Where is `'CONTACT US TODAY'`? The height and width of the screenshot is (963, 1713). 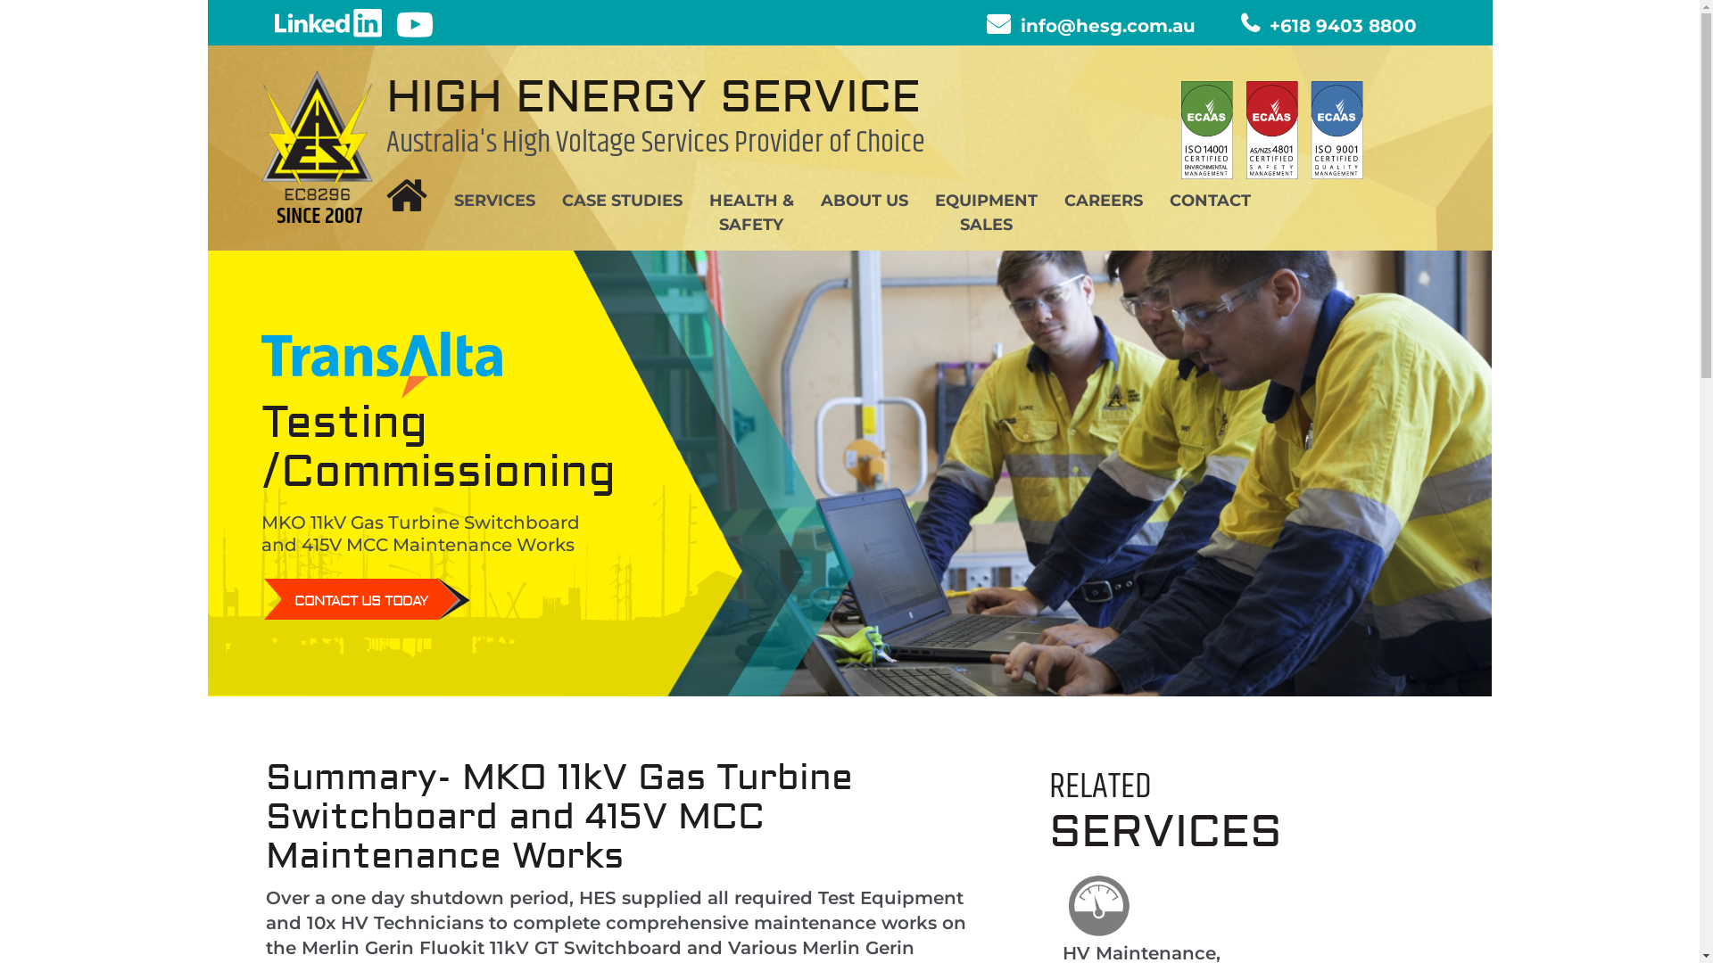 'CONTACT US TODAY' is located at coordinates (358, 598).